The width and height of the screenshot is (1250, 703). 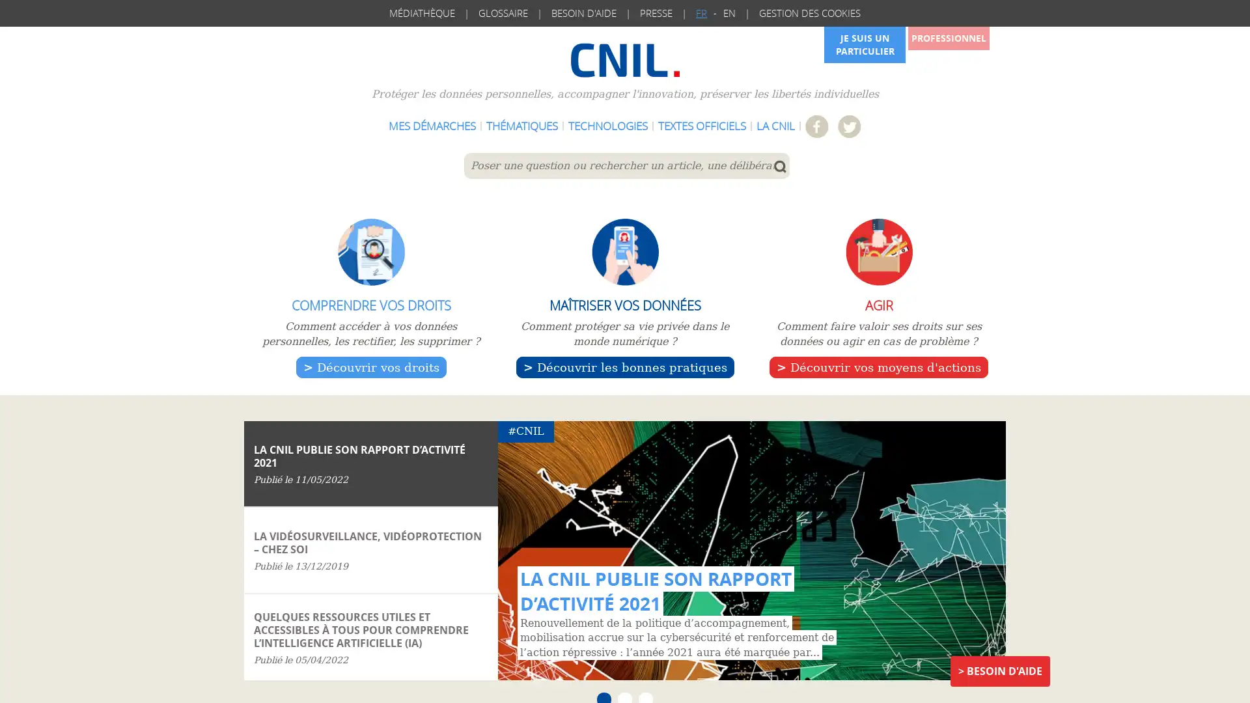 What do you see at coordinates (370, 550) in the screenshot?
I see `Logement LA VIDEOSURVEILLANCE, VIDEOPROTECTION  CHEZ SOI Publie le 13/12/2019` at bounding box center [370, 550].